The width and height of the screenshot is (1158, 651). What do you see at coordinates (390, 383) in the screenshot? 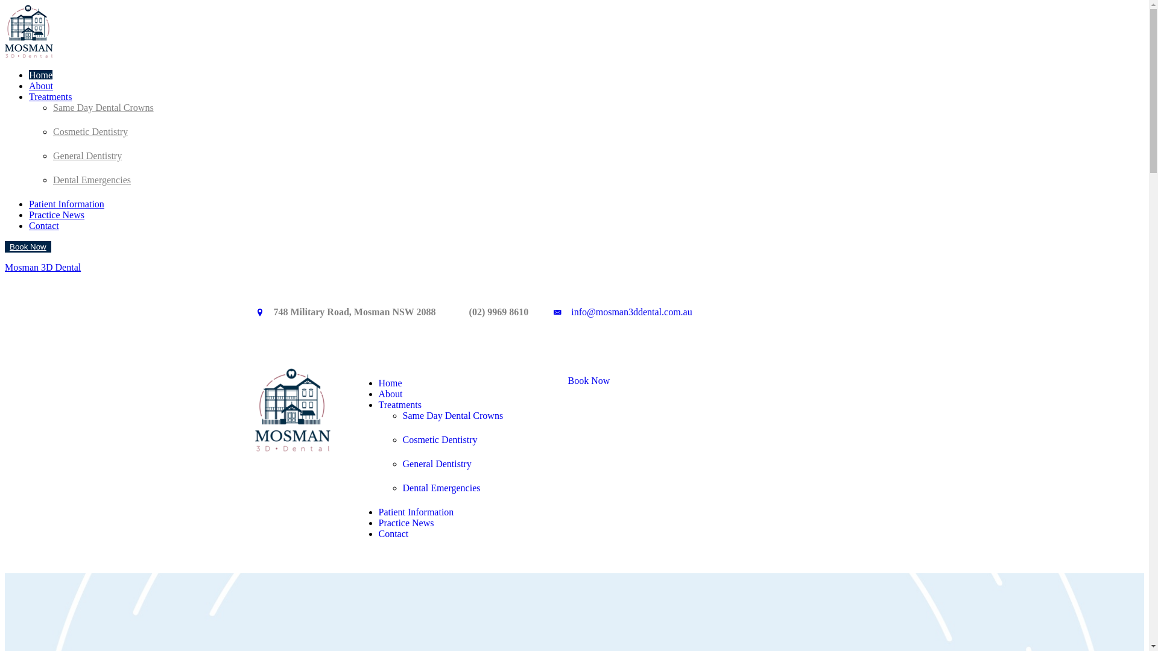
I see `'Home'` at bounding box center [390, 383].